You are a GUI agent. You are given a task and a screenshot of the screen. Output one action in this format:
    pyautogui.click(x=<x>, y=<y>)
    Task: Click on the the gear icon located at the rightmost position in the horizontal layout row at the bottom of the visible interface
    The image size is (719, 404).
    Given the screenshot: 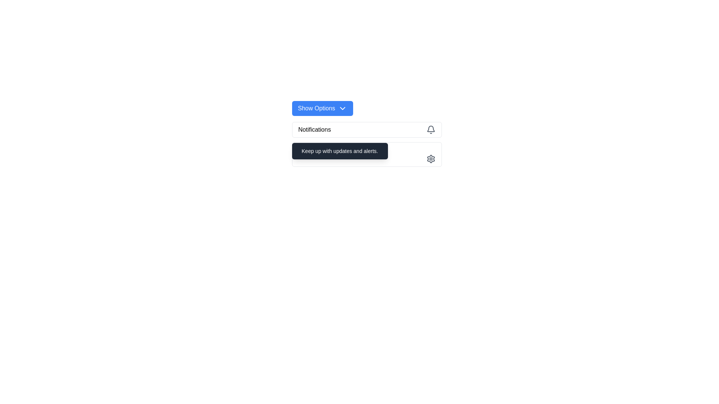 What is the action you would take?
    pyautogui.click(x=431, y=158)
    